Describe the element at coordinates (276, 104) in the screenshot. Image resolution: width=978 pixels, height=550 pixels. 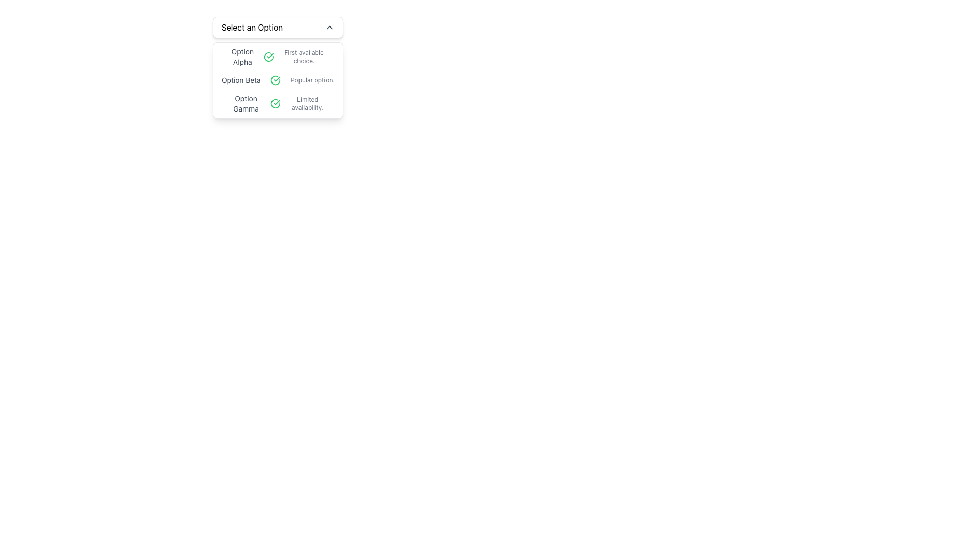
I see `the circular green icon with a checkmark located to the right of 'Option Gamma'` at that location.